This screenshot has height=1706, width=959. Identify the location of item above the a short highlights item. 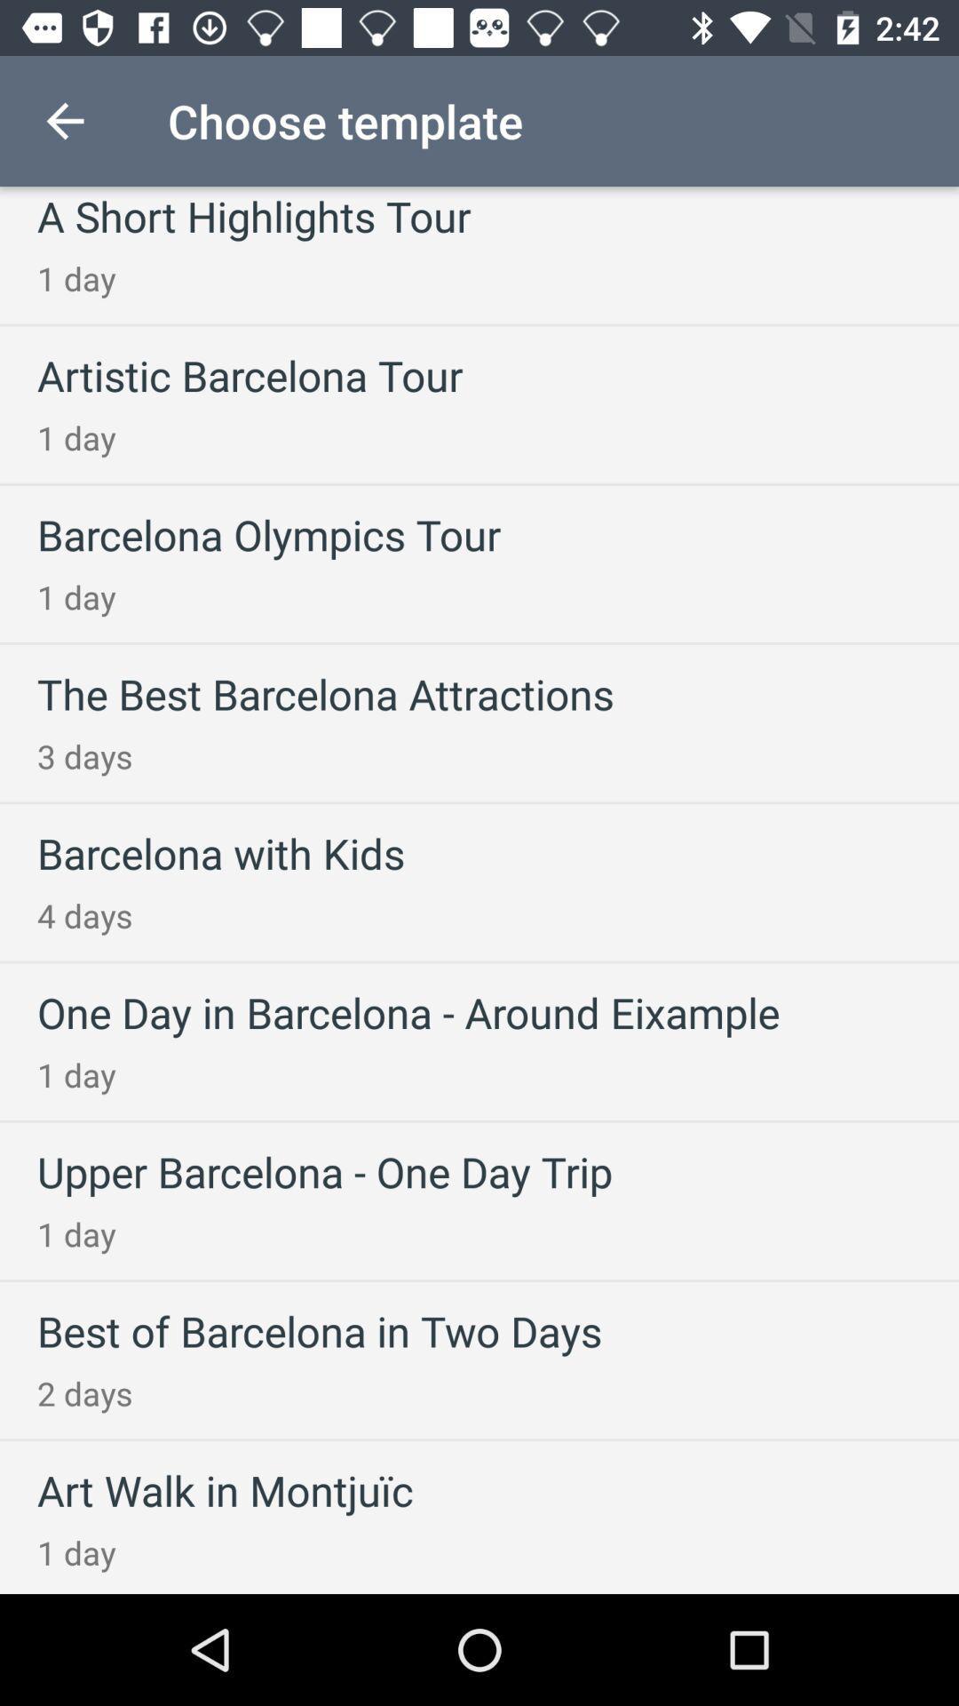
(64, 120).